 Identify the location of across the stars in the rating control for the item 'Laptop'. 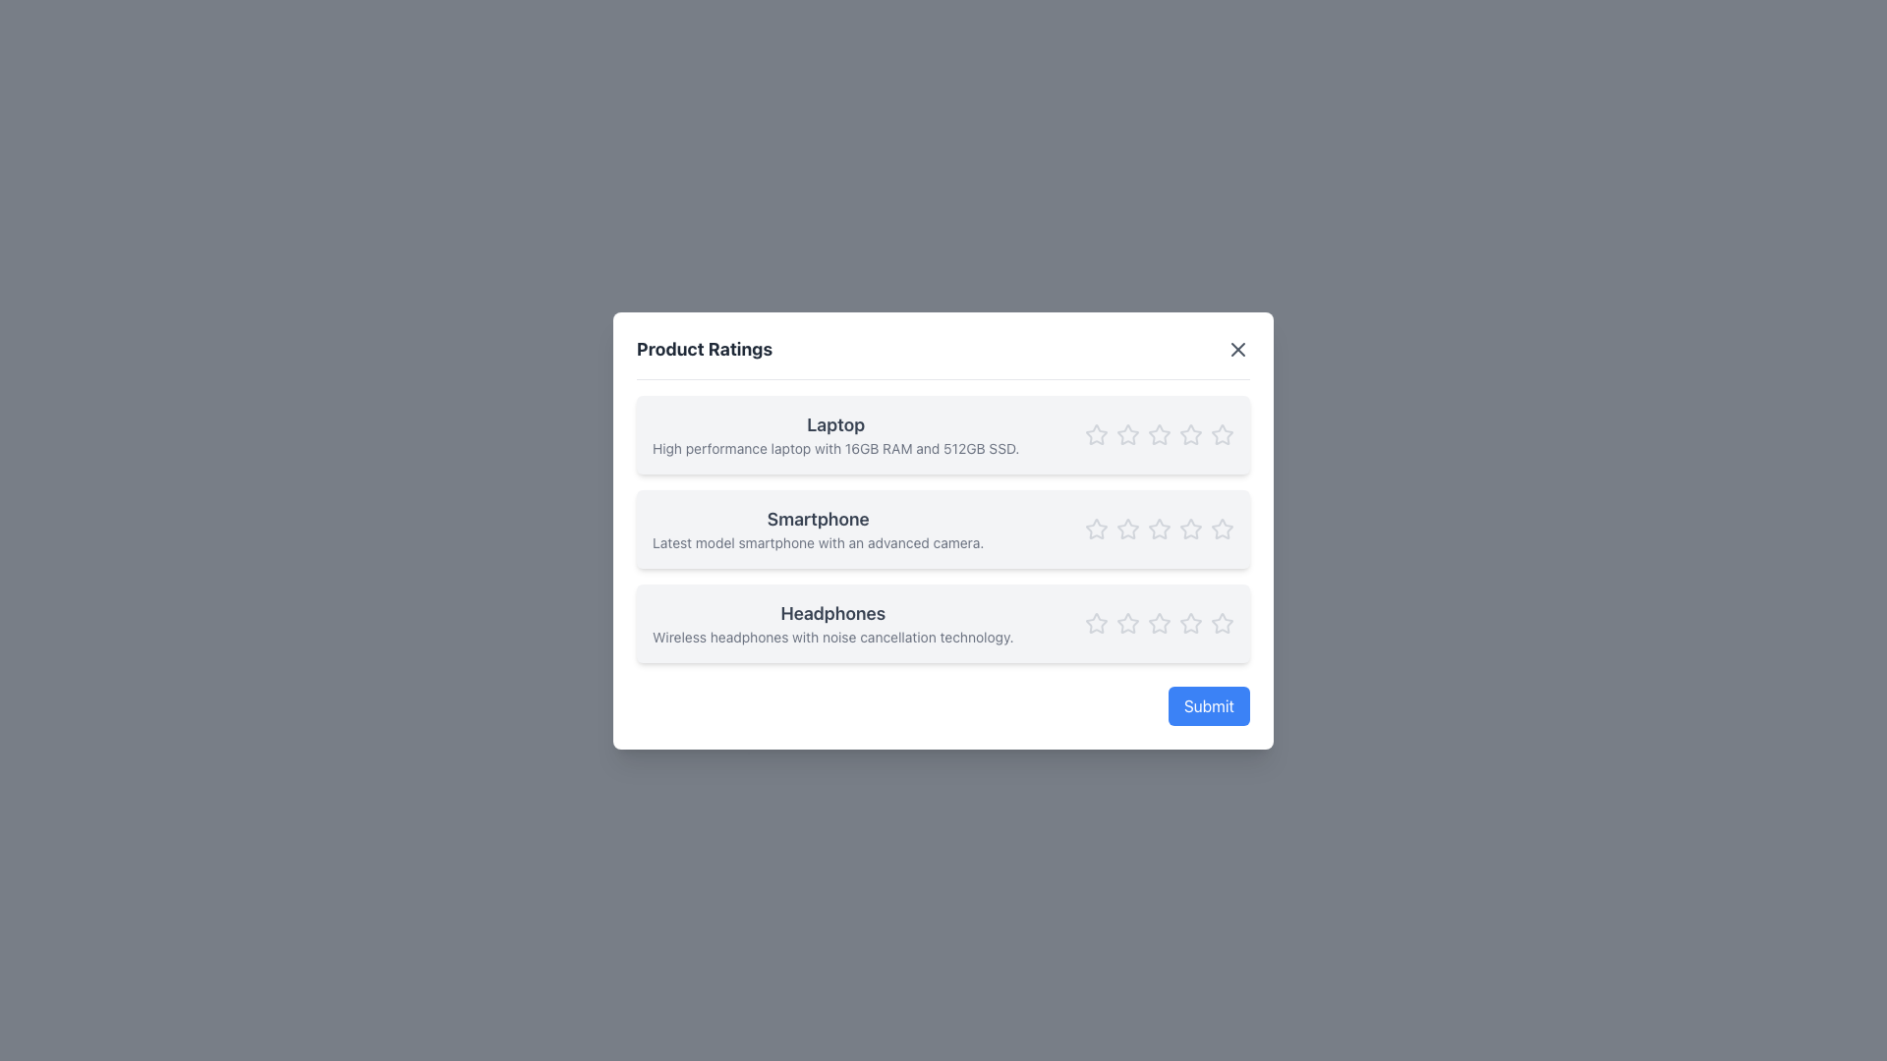
(1160, 433).